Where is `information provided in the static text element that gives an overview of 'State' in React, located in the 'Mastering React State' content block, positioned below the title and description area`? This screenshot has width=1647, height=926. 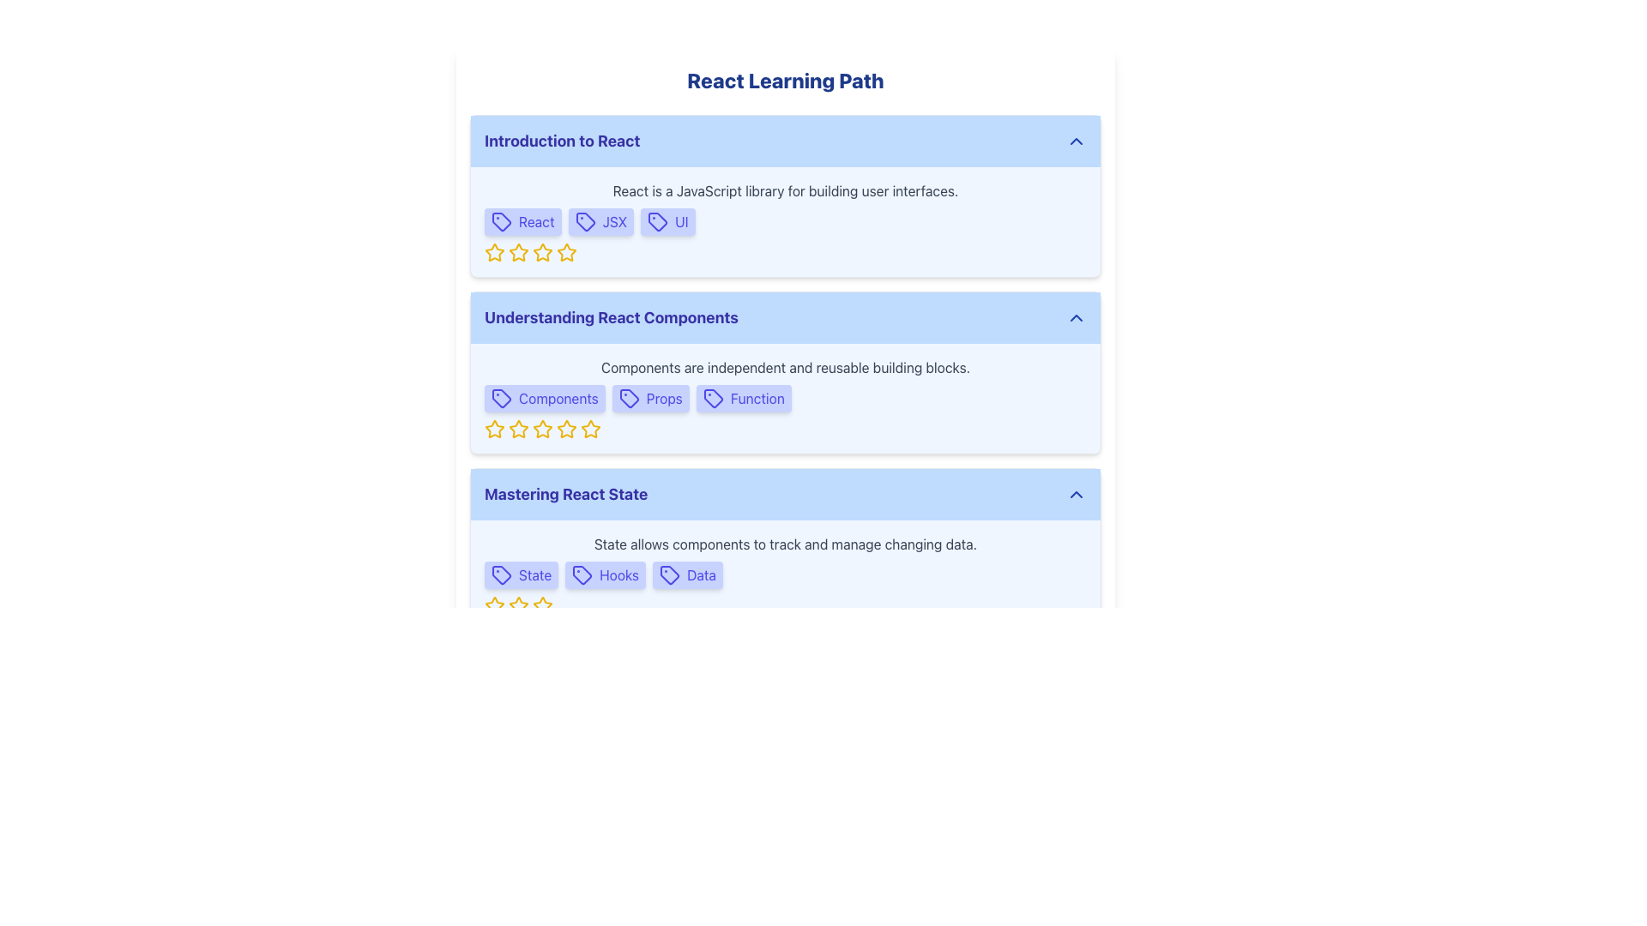 information provided in the static text element that gives an overview of 'State' in React, located in the 'Mastering React State' content block, positioned below the title and description area is located at coordinates (785, 544).